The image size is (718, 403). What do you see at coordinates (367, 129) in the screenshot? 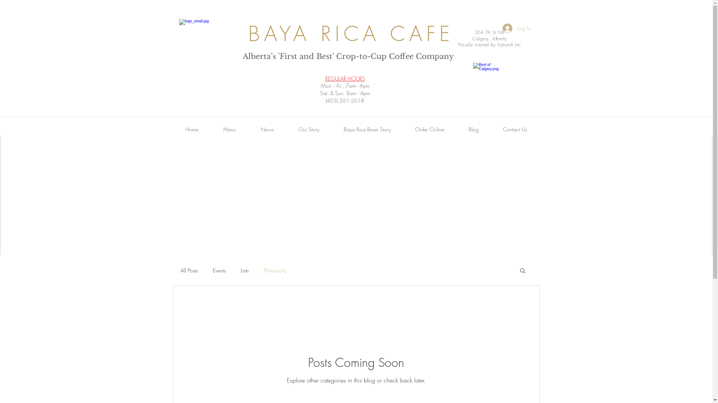
I see `'Baya Rica Bean Story'` at bounding box center [367, 129].